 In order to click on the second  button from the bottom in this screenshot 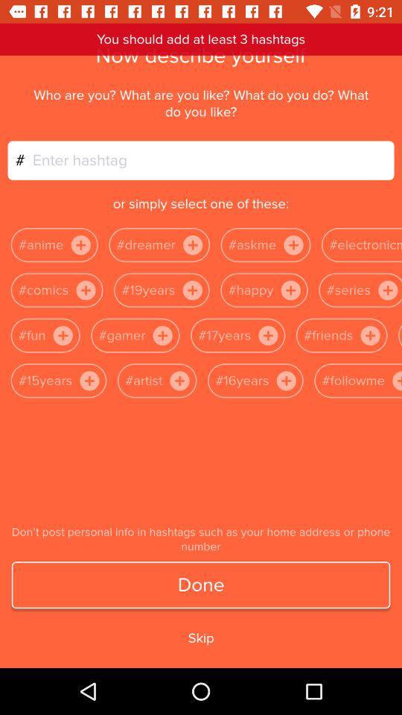, I will do `click(287, 380)`.